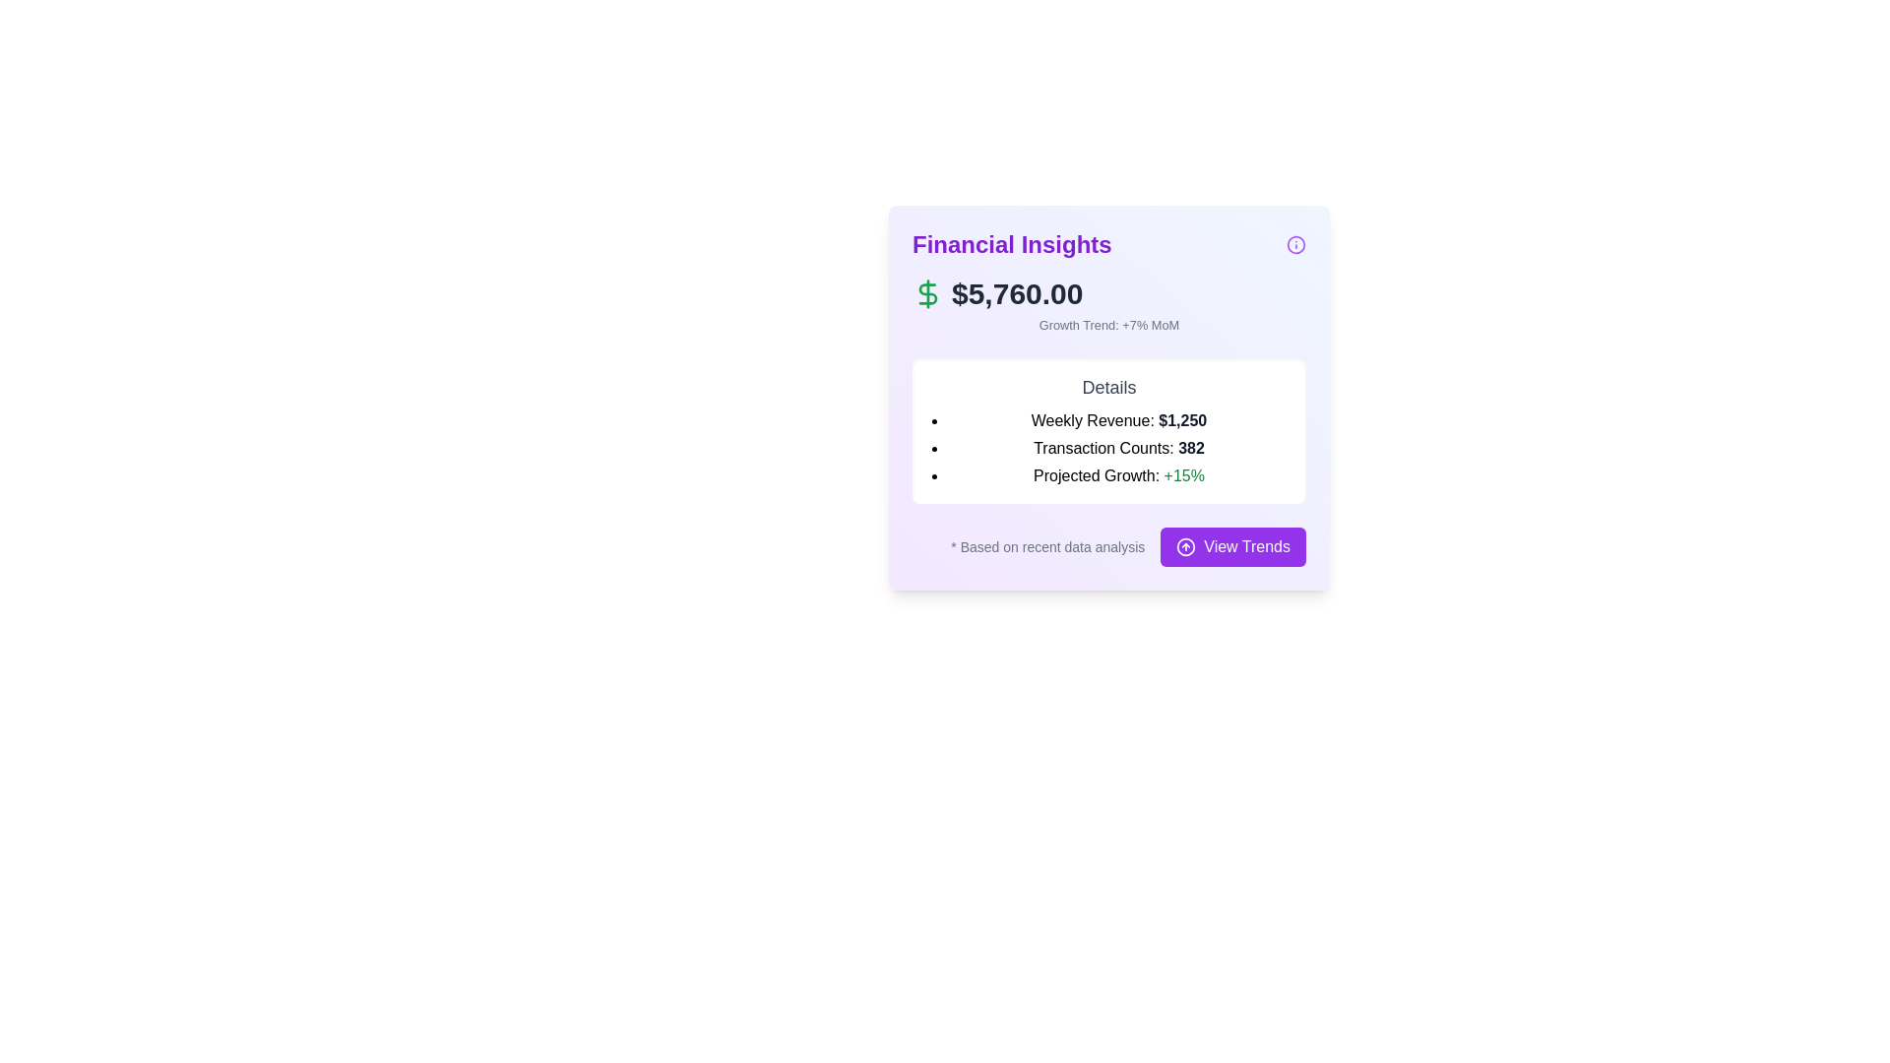 The width and height of the screenshot is (1890, 1063). I want to click on the currency icon located immediately to the left of the dollar amount '$5,760.00' in the 'Financial Insights' box, so click(926, 294).